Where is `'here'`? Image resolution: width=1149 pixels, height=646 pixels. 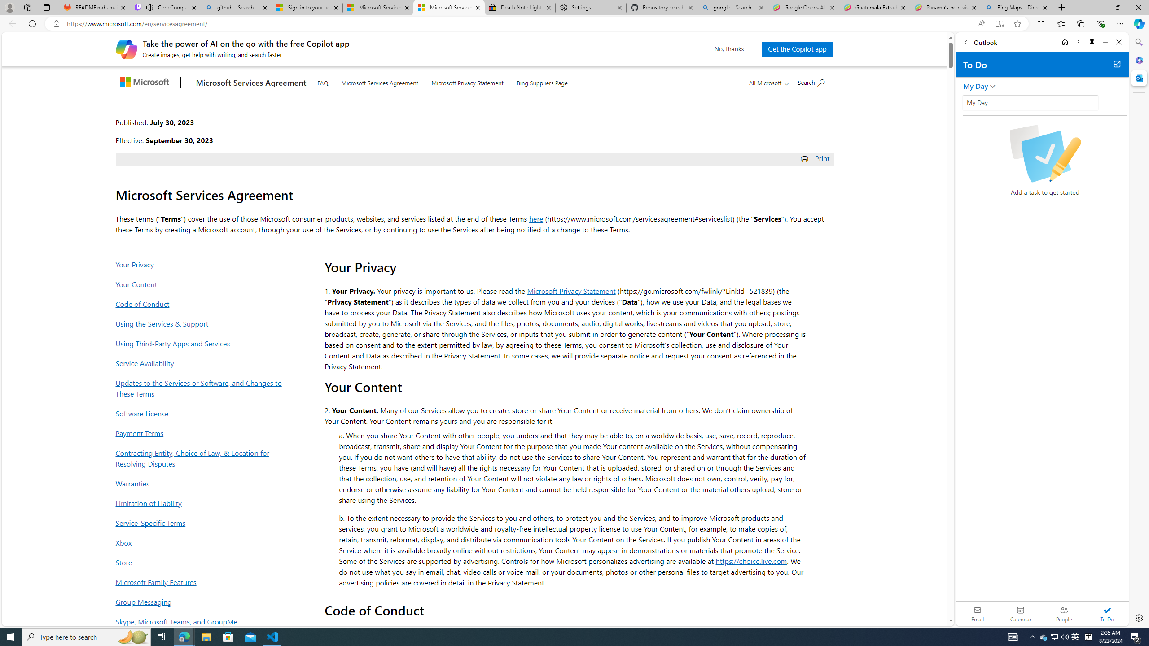 'here' is located at coordinates (536, 218).